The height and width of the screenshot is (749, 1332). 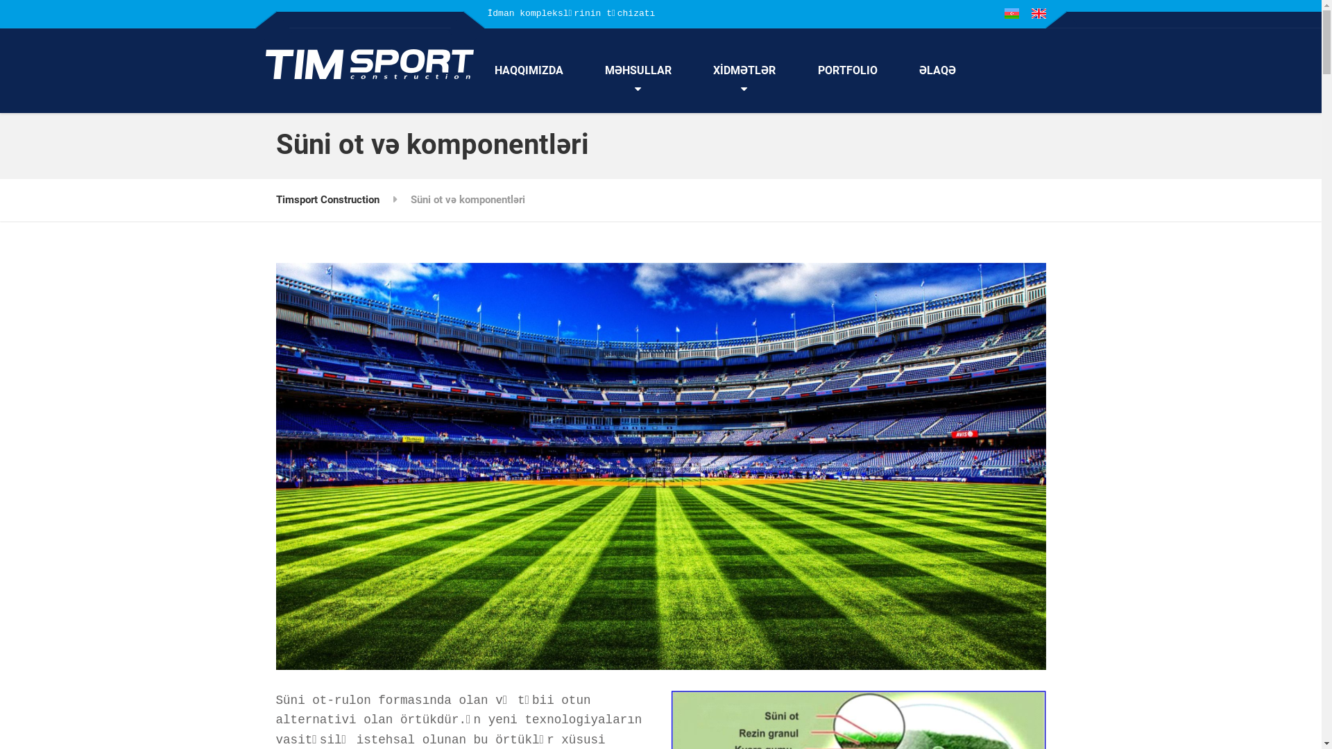 What do you see at coordinates (472, 70) in the screenshot?
I see `'HAQQIMIZDA'` at bounding box center [472, 70].